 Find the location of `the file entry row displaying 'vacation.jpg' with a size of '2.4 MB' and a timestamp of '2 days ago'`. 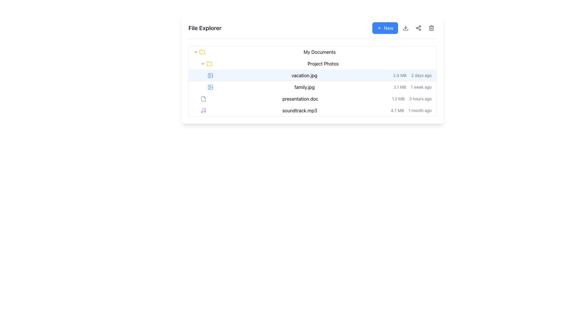

the file entry row displaying 'vacation.jpg' with a size of '2.4 MB' and a timestamp of '2 days ago' is located at coordinates (312, 75).